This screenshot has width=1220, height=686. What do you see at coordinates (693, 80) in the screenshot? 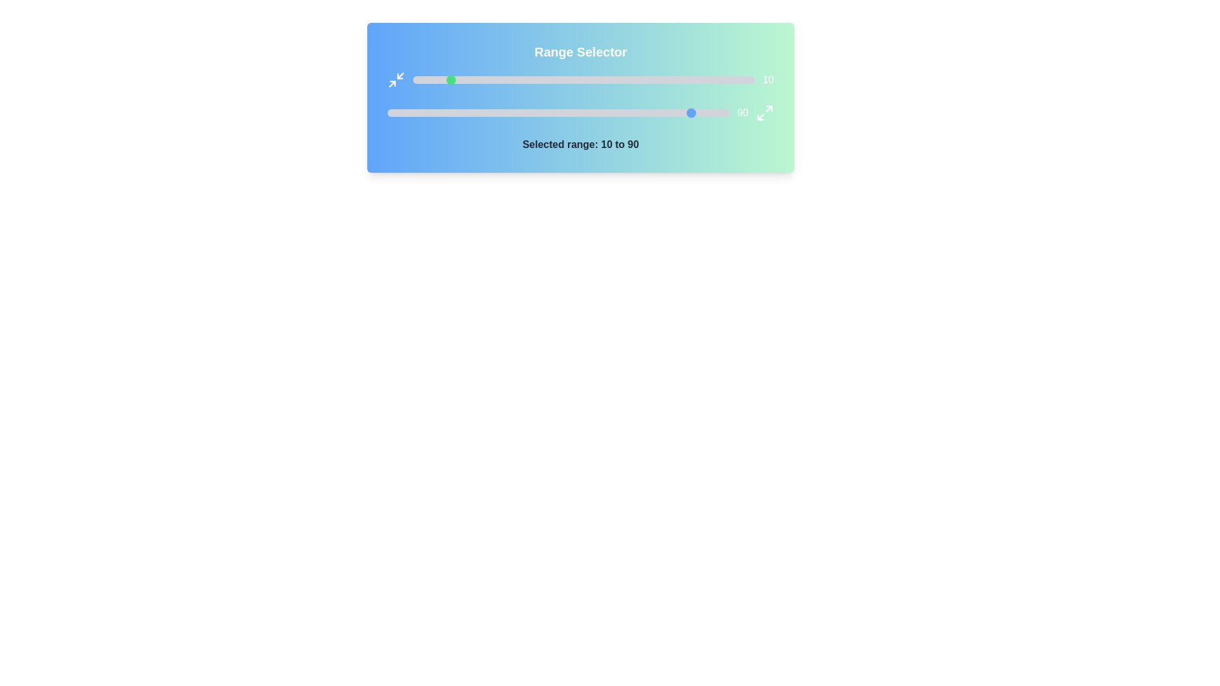
I see `the slider value` at bounding box center [693, 80].